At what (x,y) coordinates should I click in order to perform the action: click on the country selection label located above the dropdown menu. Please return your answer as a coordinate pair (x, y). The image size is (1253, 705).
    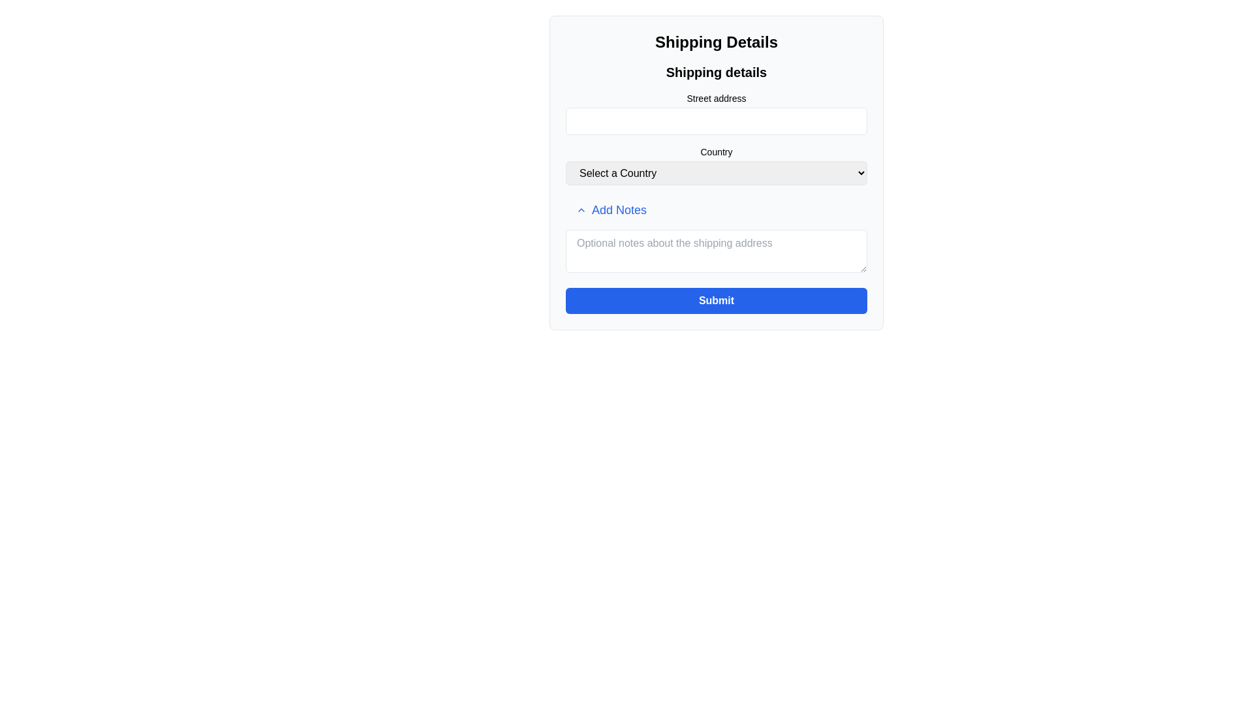
    Looking at the image, I should click on (716, 151).